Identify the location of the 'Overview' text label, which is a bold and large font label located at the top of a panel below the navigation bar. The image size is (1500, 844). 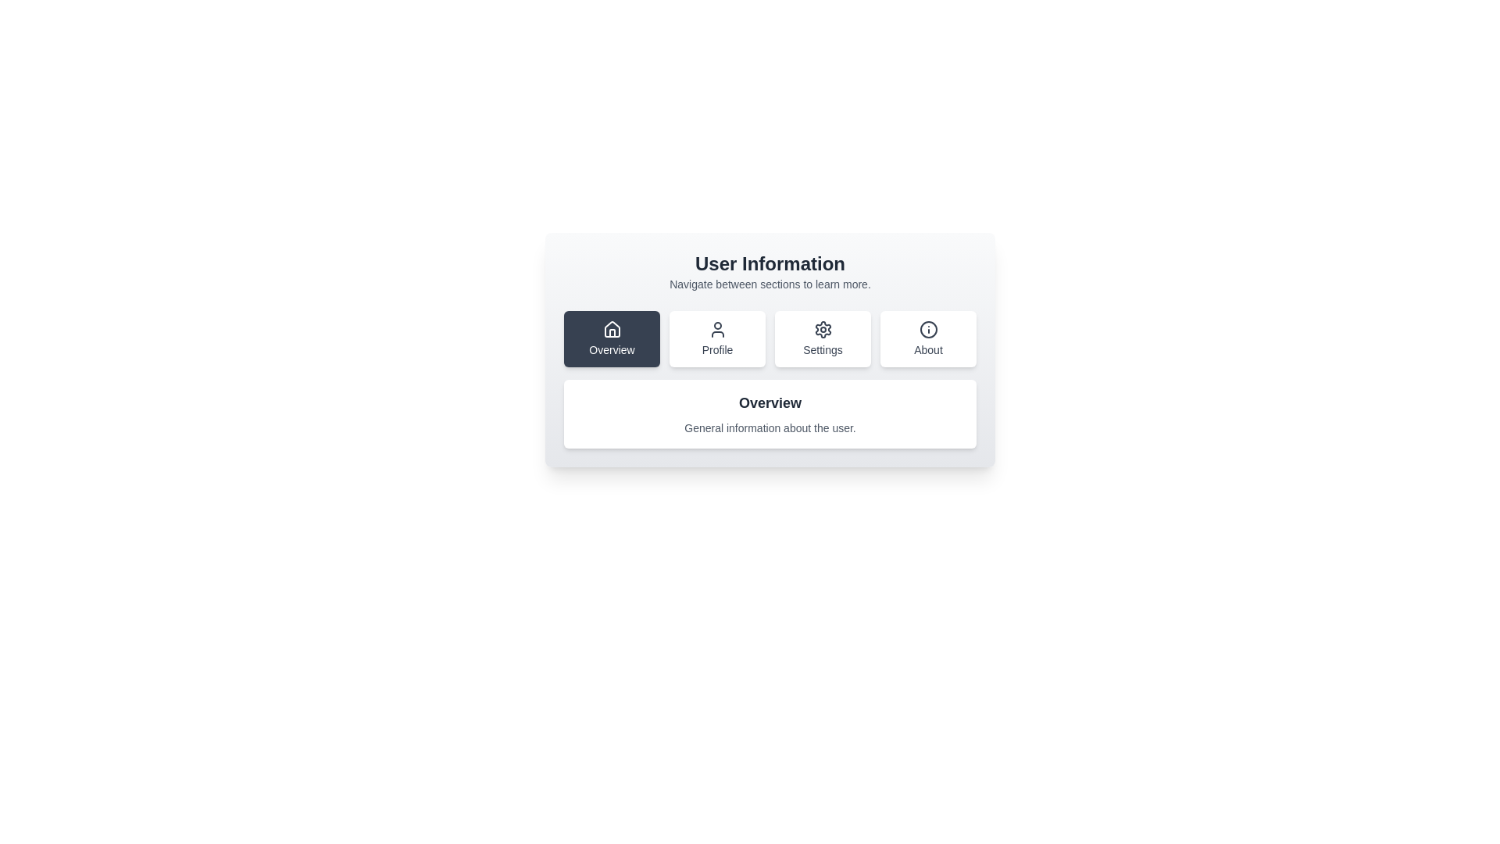
(770, 402).